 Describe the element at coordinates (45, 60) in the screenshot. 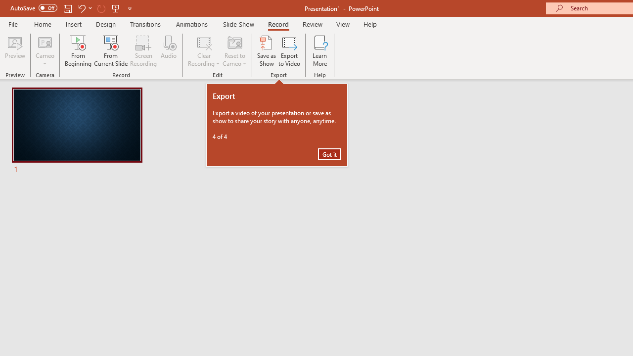

I see `'More Options'` at that location.